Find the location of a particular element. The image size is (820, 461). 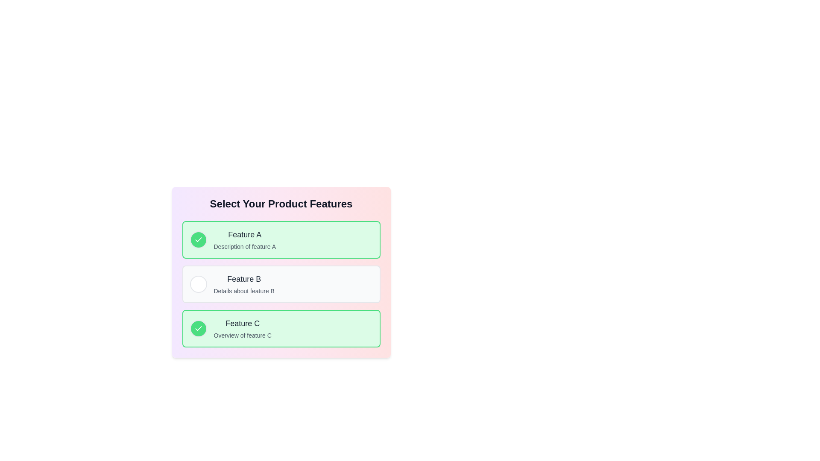

the text label reading 'Description of feature A', which is styled in a small gray font and located directly below the title 'Feature A' is located at coordinates (244, 247).